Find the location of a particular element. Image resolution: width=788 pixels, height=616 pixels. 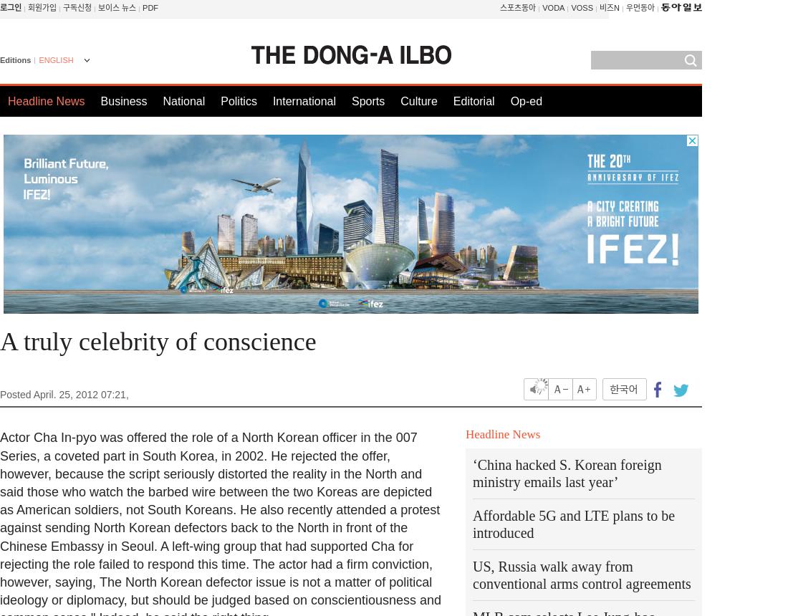

'Sports' is located at coordinates (351, 101).